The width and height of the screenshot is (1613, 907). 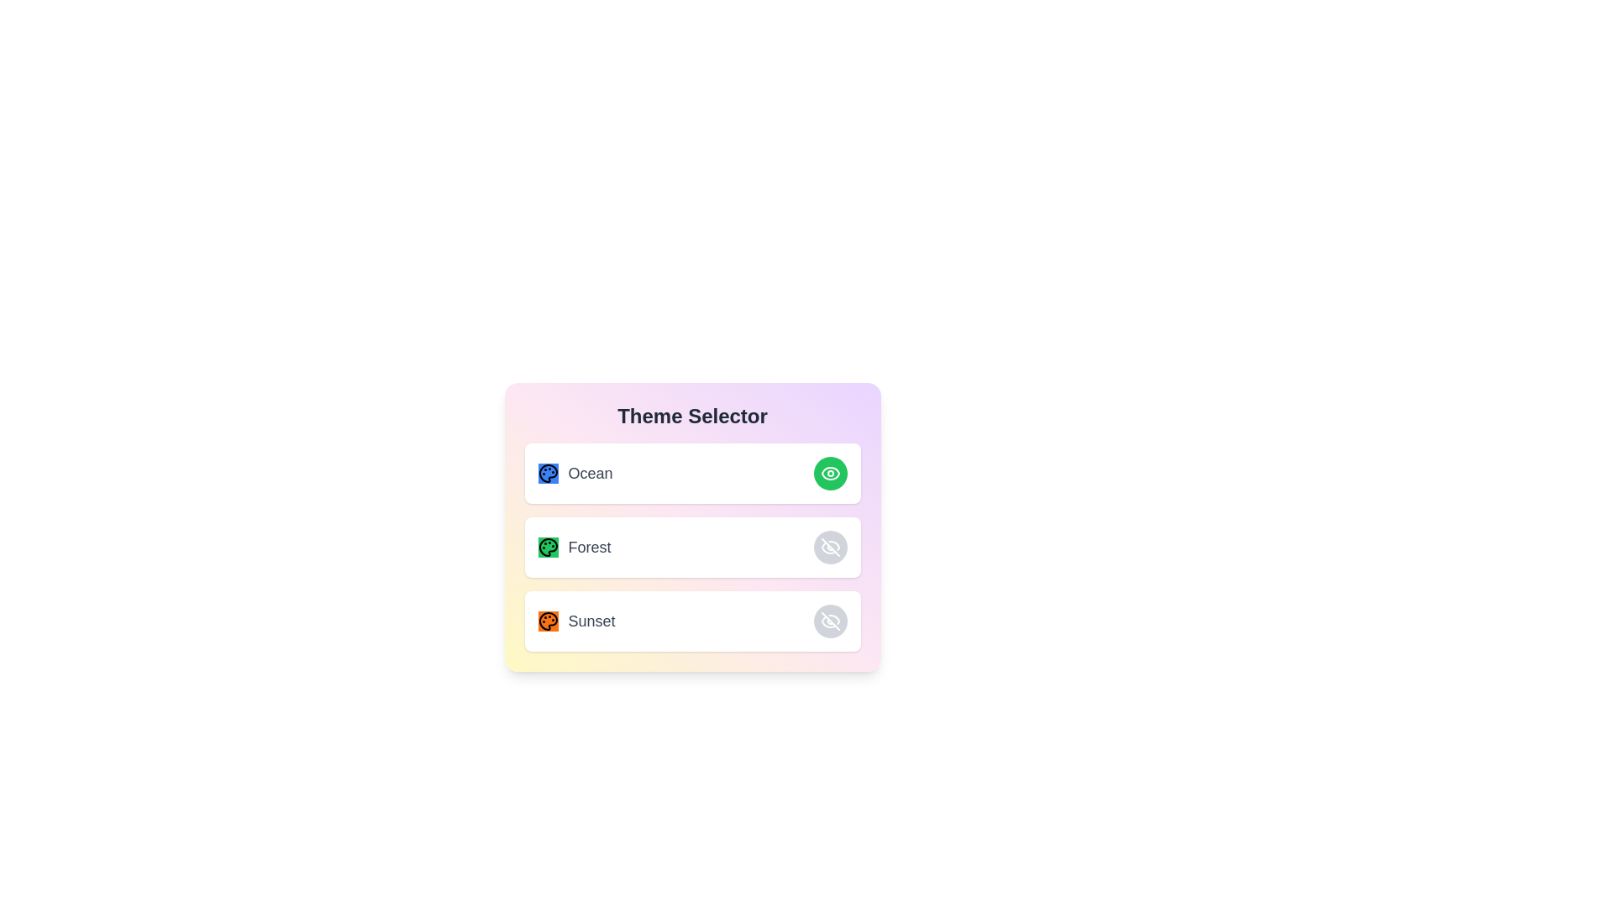 I want to click on the active theme indicator, which is the green button with an eye icon, so click(x=830, y=473).